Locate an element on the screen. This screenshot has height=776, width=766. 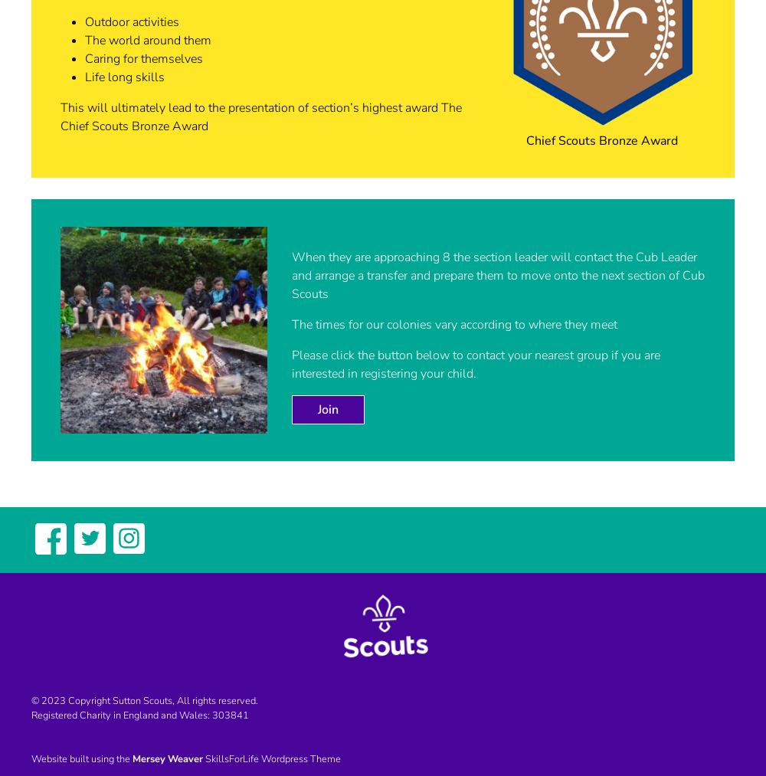
'Join' is located at coordinates (328, 408).